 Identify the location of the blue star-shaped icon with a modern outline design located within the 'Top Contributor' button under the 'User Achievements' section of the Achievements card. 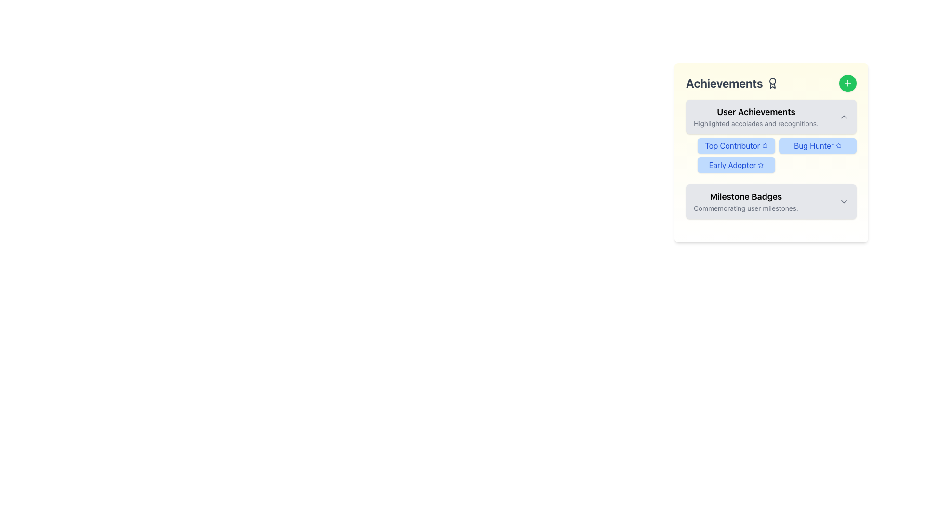
(764, 146).